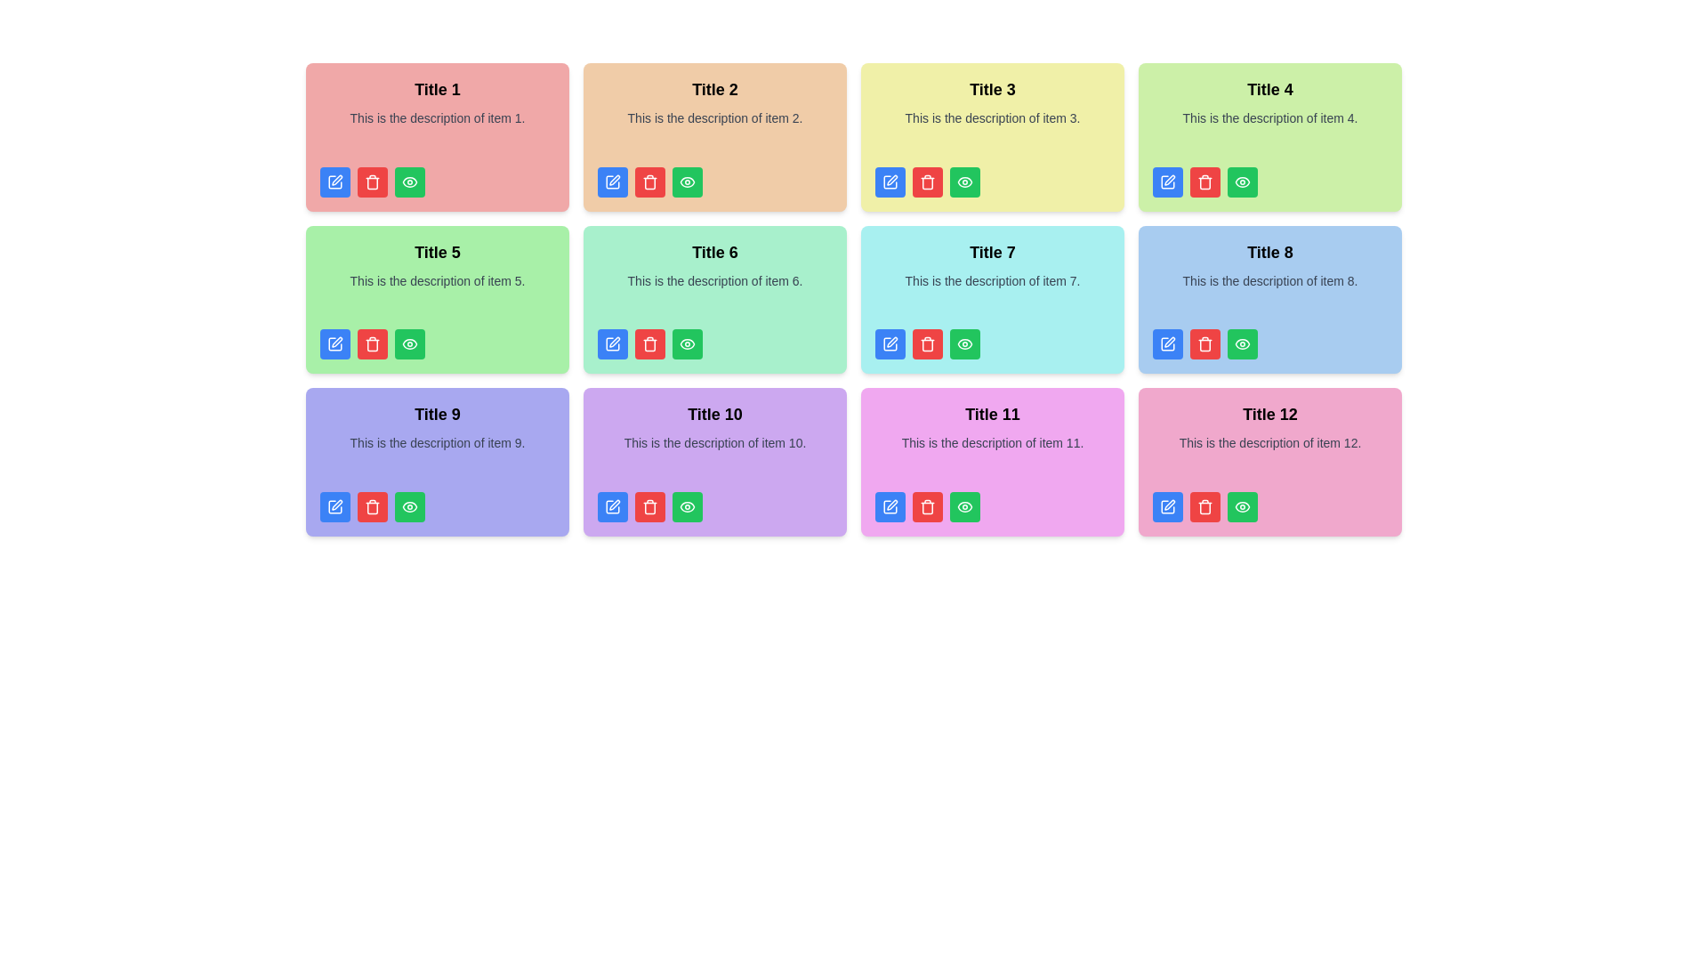 The height and width of the screenshot is (961, 1708). What do you see at coordinates (890, 506) in the screenshot?
I see `the blue button with a pen icon located at the bottom-left corner of the card titled 'Title 11'` at bounding box center [890, 506].